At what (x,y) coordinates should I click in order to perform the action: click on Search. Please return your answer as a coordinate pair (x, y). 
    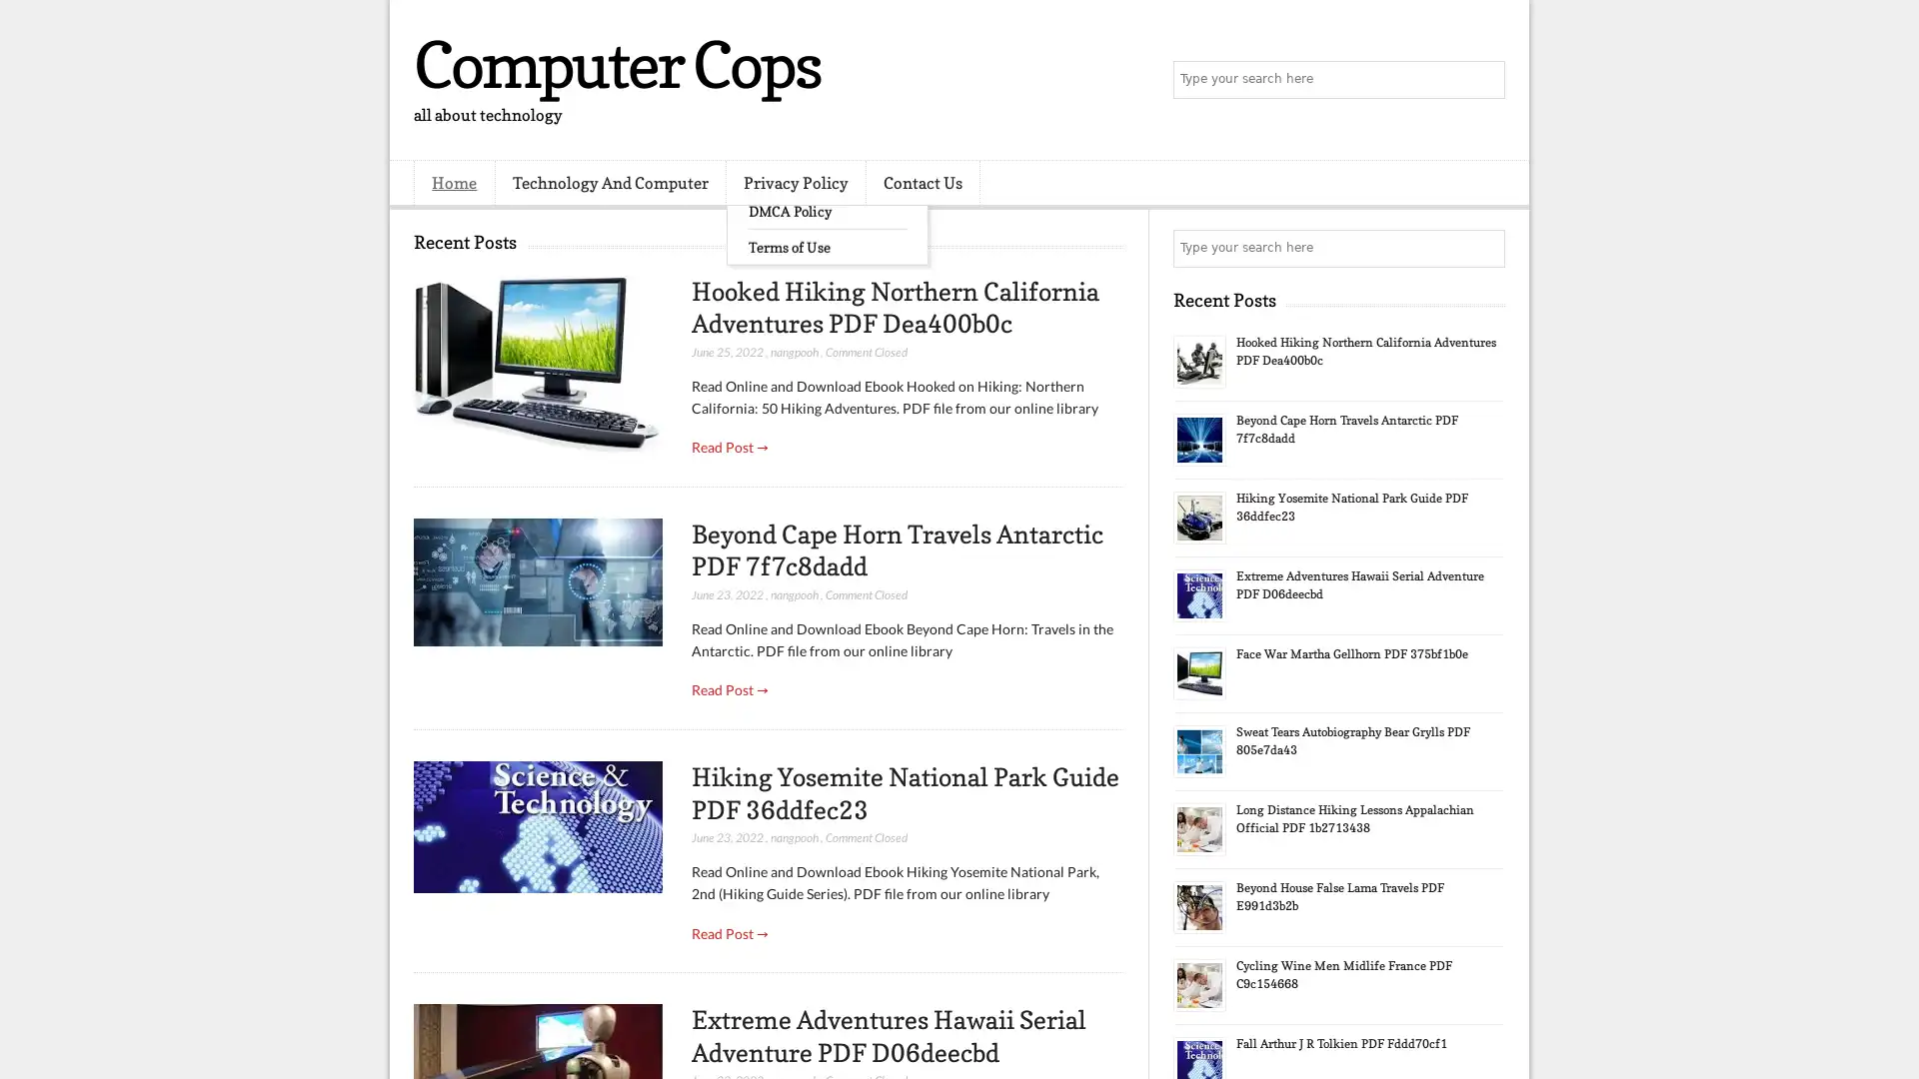
    Looking at the image, I should click on (1484, 248).